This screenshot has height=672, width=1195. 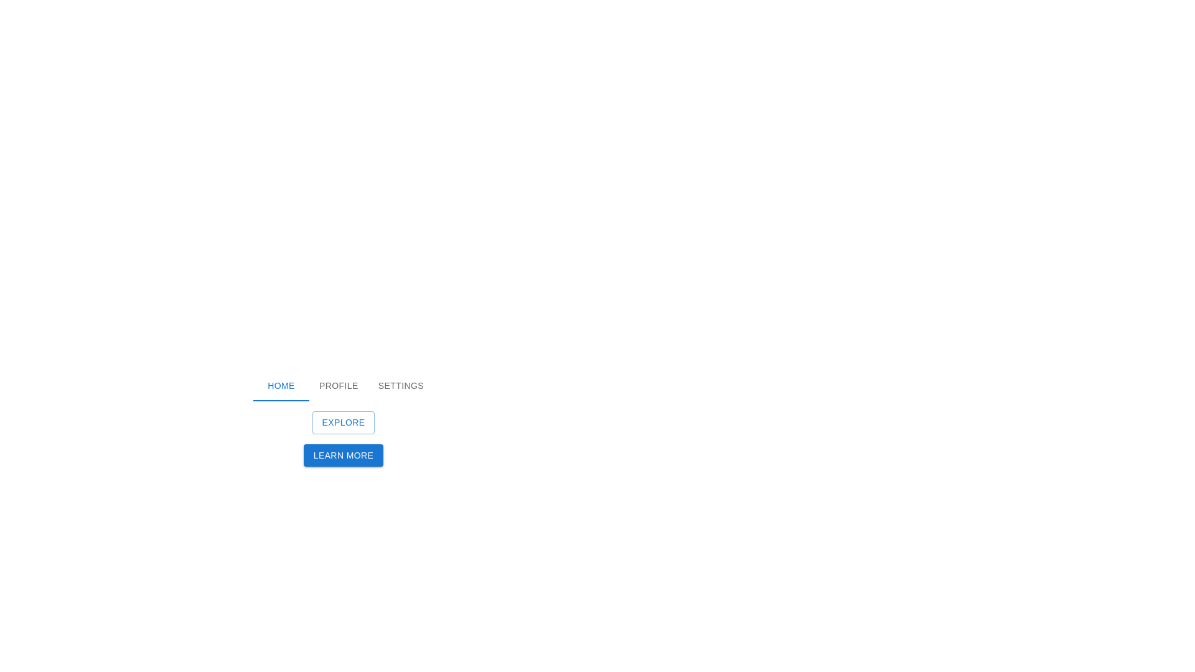 What do you see at coordinates (344, 386) in the screenshot?
I see `the 'Profile' tab in the Tabbed Navigation Component` at bounding box center [344, 386].